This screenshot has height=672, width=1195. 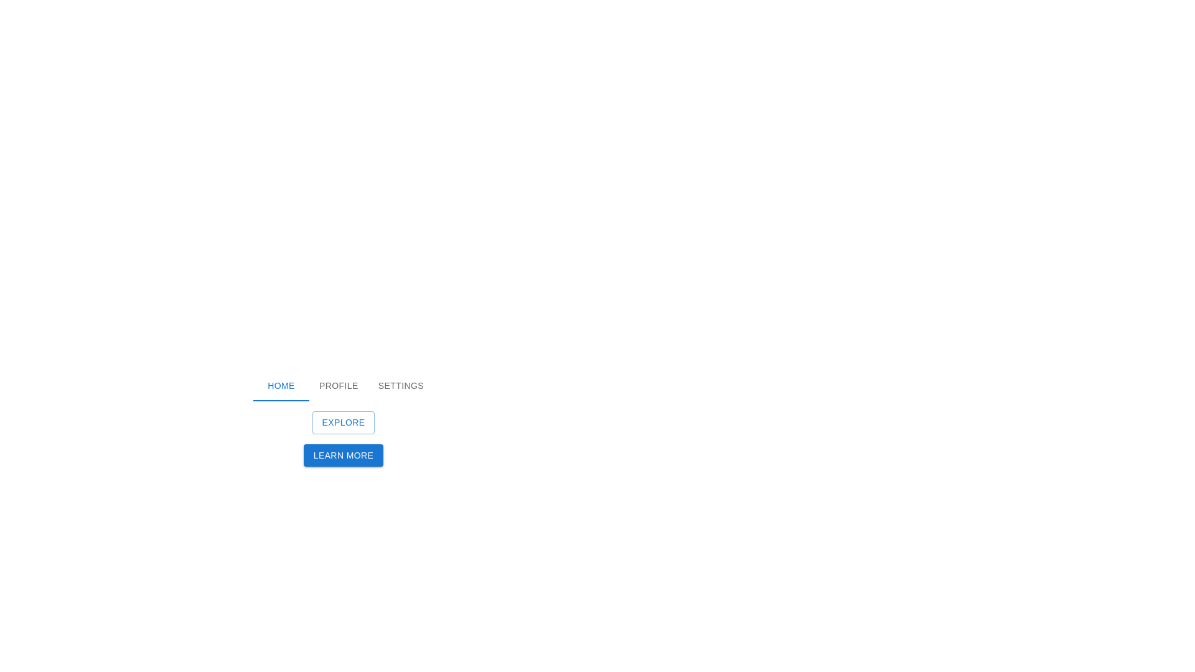 What do you see at coordinates (344, 386) in the screenshot?
I see `the 'Profile' tab in the Tabbed Navigation Component` at bounding box center [344, 386].